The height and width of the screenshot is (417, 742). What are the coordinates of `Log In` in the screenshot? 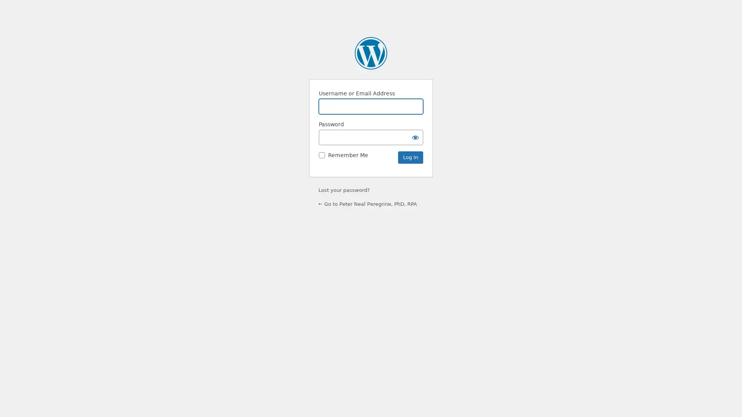 It's located at (410, 157).